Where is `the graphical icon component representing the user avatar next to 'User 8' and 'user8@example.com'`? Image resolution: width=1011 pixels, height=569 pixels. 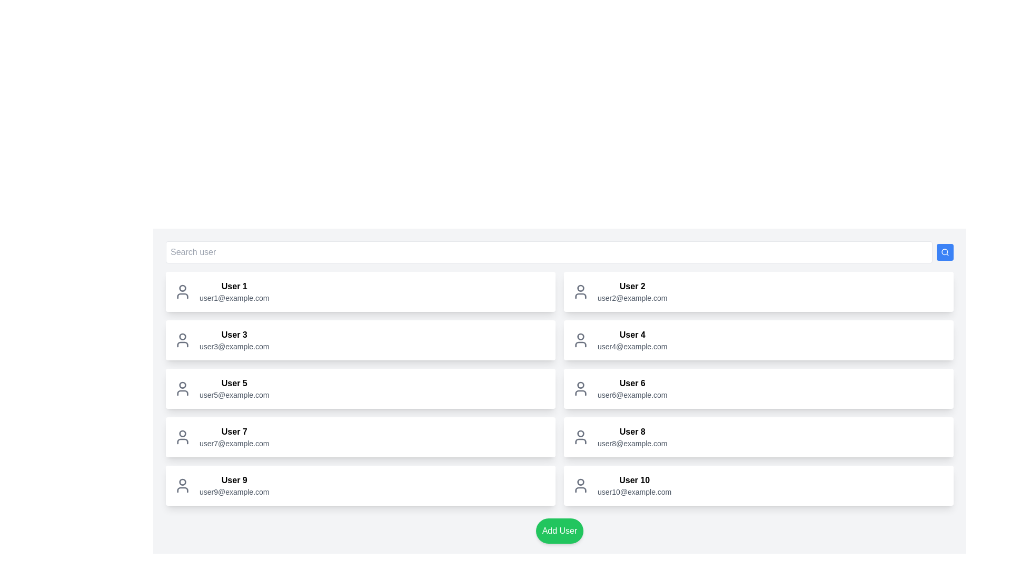
the graphical icon component representing the user avatar next to 'User 8' and 'user8@example.com' is located at coordinates (580, 433).